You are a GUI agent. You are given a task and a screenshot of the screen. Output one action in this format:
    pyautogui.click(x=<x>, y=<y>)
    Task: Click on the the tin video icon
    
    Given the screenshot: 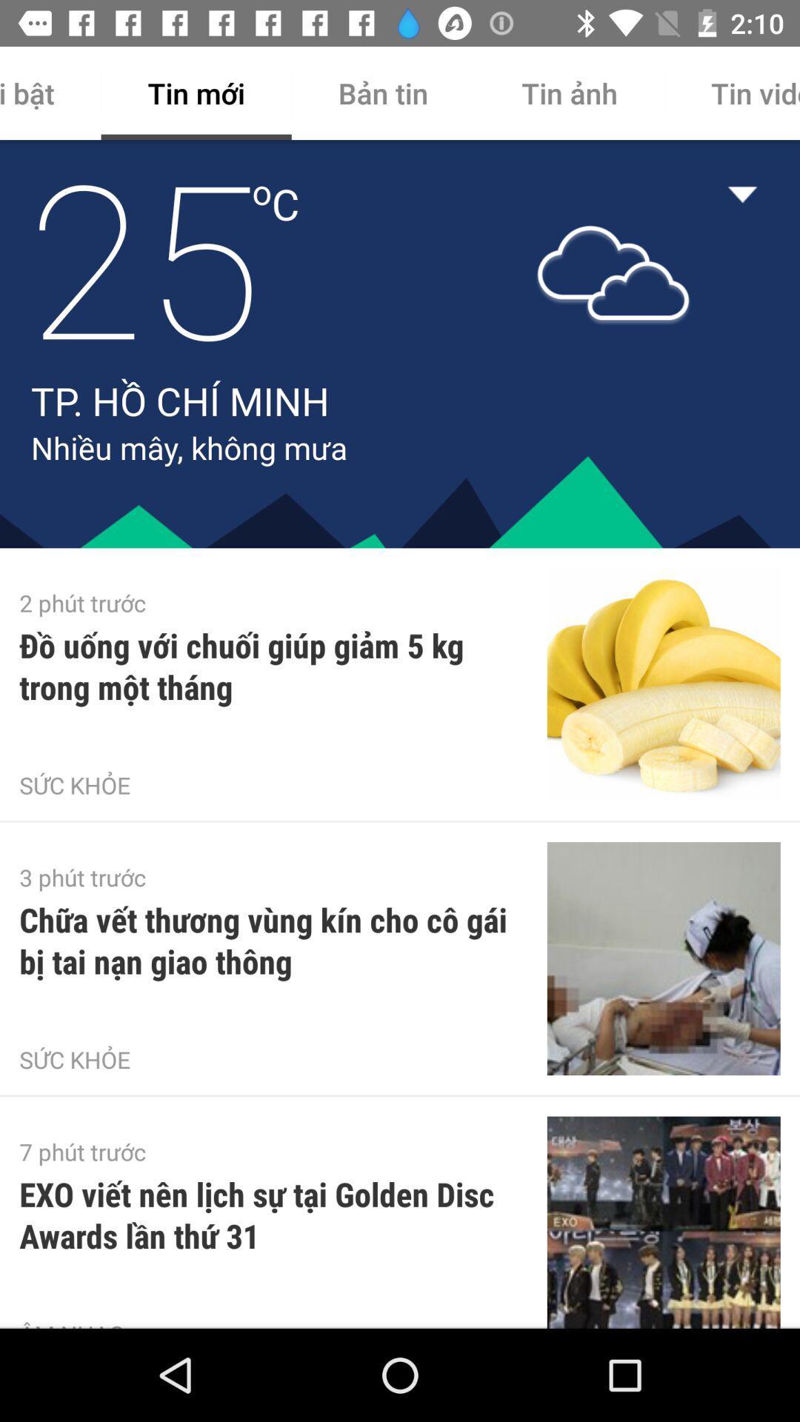 What is the action you would take?
    pyautogui.click(x=731, y=92)
    